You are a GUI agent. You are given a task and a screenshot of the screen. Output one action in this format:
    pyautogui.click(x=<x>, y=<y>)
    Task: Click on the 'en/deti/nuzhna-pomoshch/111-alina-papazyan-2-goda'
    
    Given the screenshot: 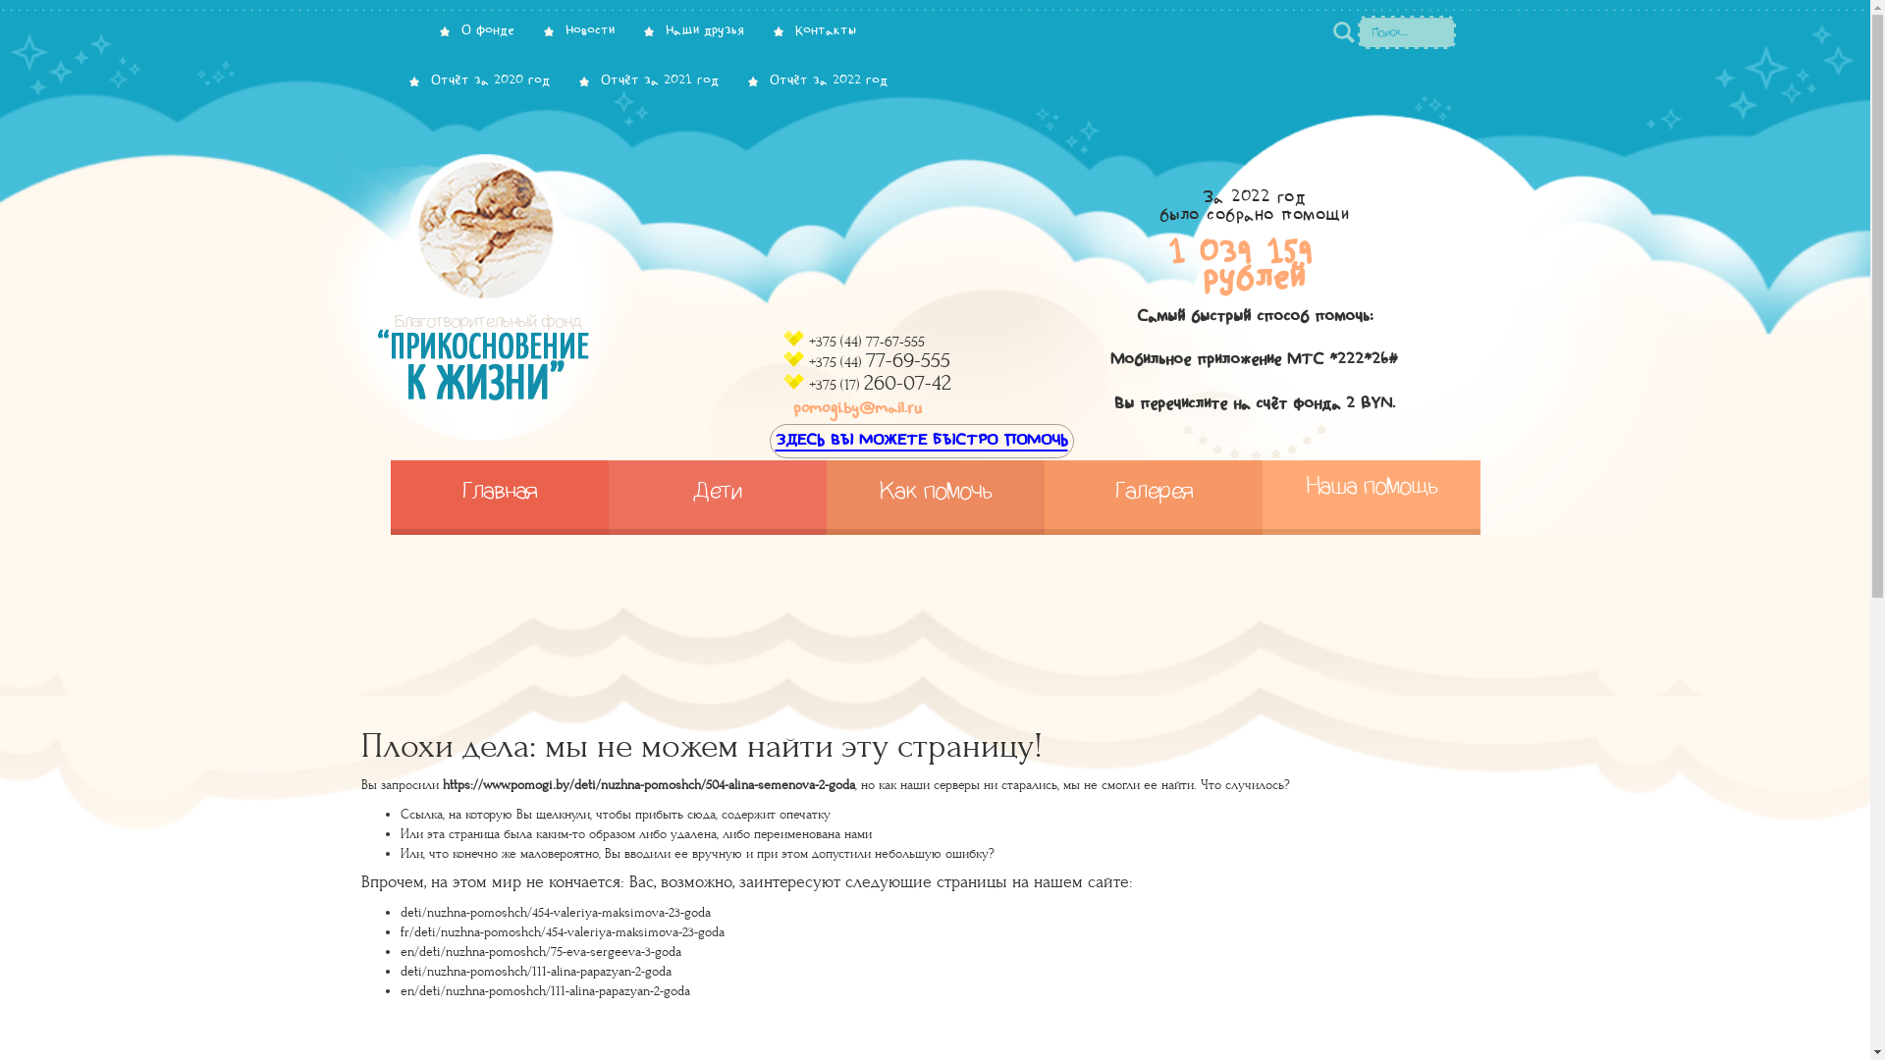 What is the action you would take?
    pyautogui.click(x=545, y=991)
    